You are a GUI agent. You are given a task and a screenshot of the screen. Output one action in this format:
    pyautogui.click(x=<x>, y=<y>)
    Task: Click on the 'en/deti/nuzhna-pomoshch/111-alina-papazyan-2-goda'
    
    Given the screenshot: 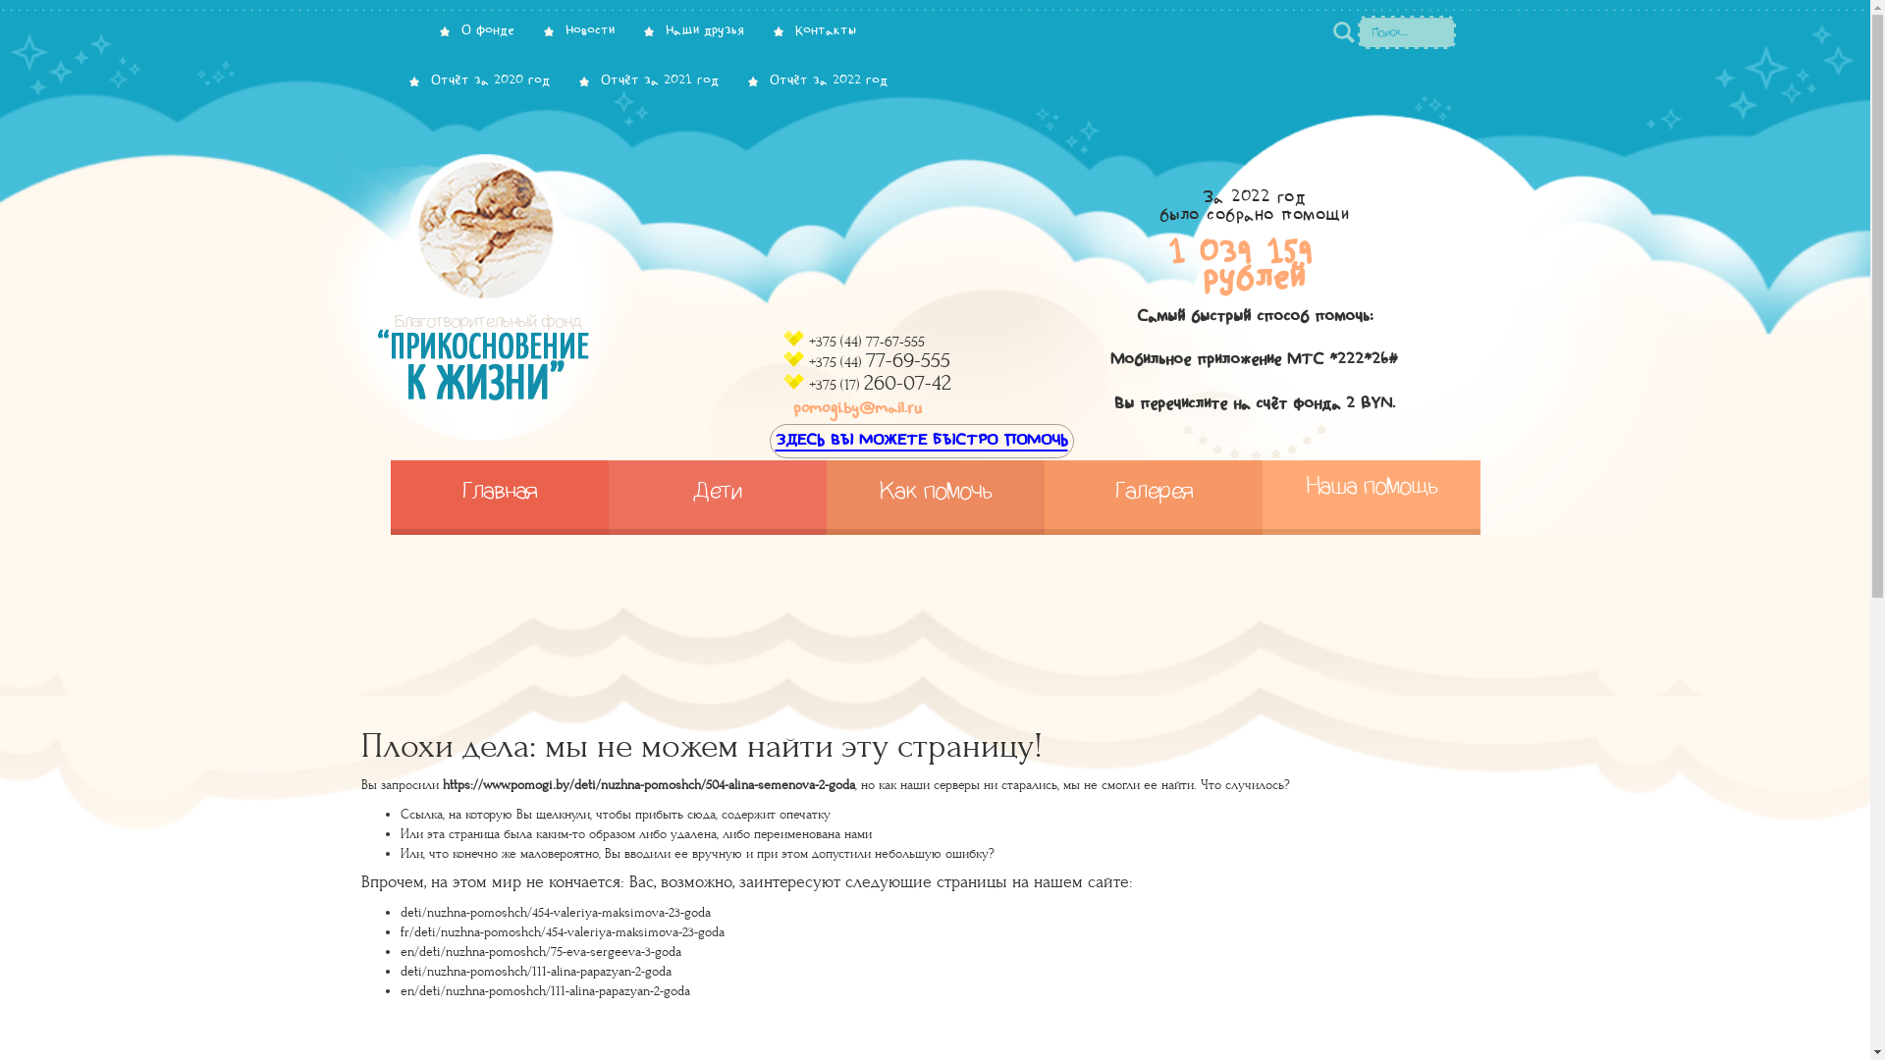 What is the action you would take?
    pyautogui.click(x=545, y=991)
    